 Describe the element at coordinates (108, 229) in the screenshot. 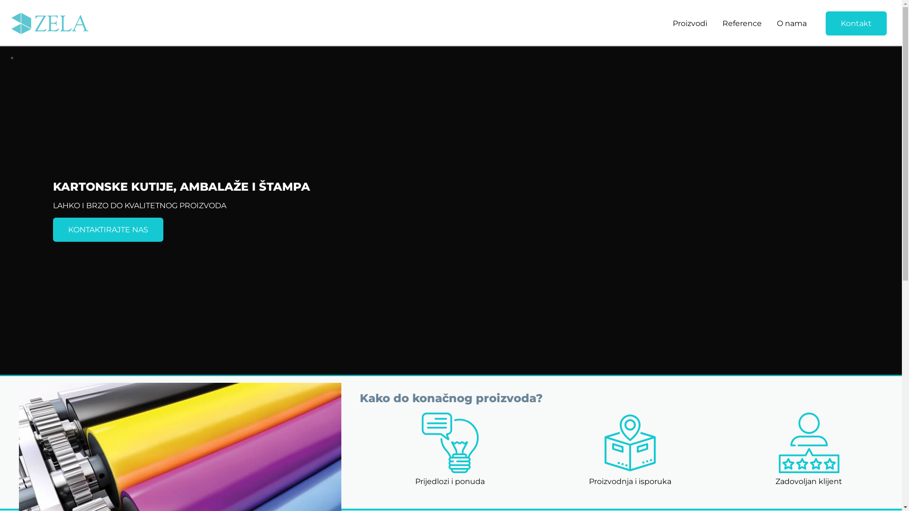

I see `'KONTAKTIRAJTE NAS'` at that location.